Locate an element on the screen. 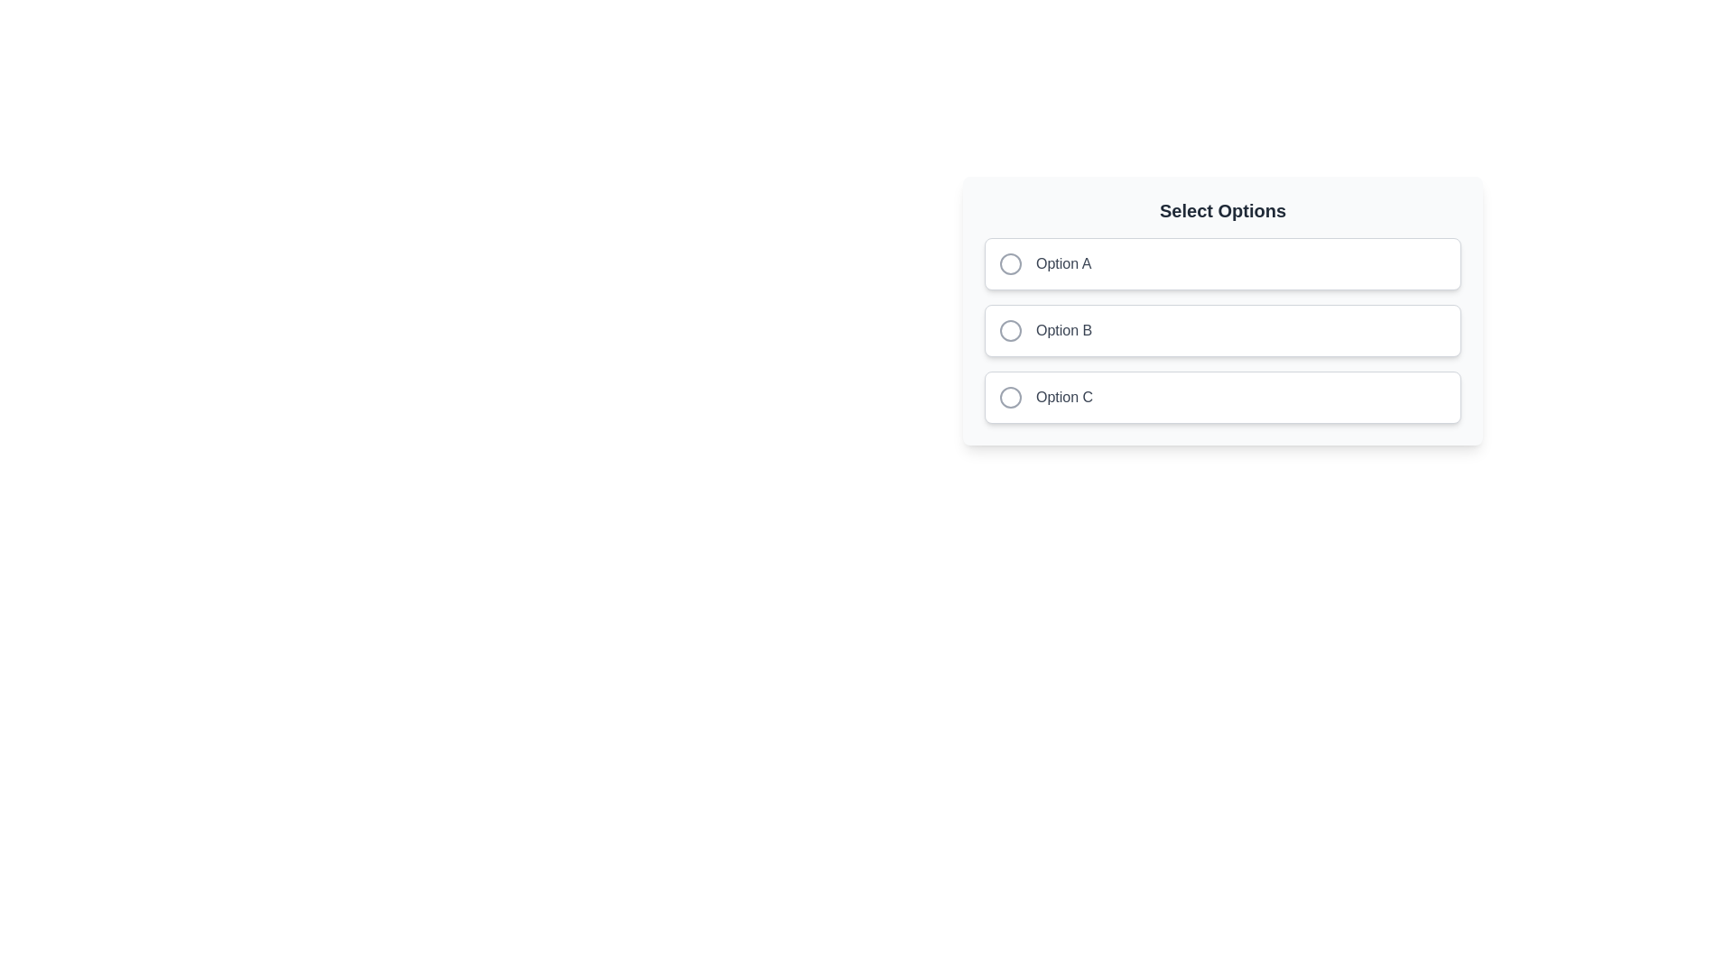  the interactive radio button for 'Option C' is located at coordinates (1009, 396).